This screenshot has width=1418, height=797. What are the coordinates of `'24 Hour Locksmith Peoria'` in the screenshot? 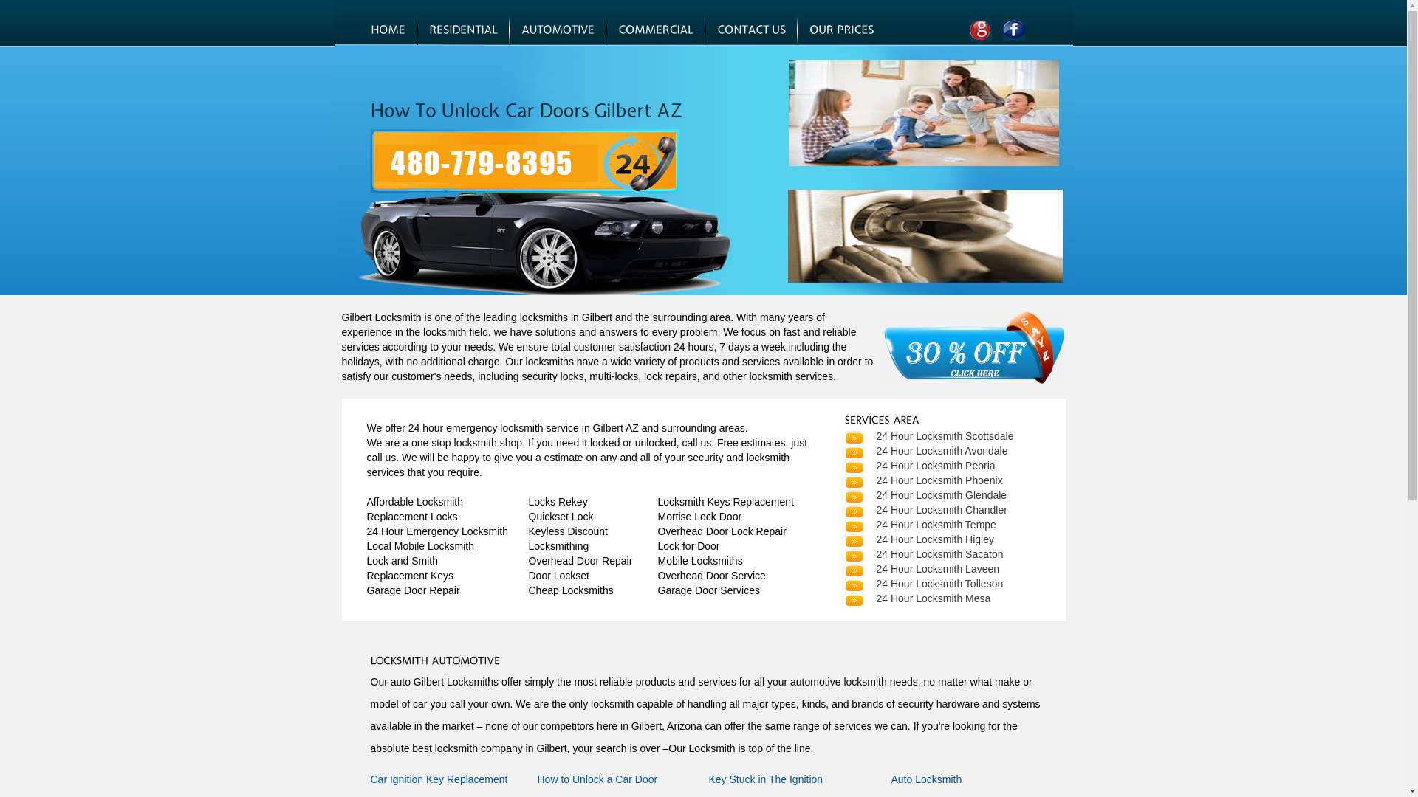 It's located at (917, 466).